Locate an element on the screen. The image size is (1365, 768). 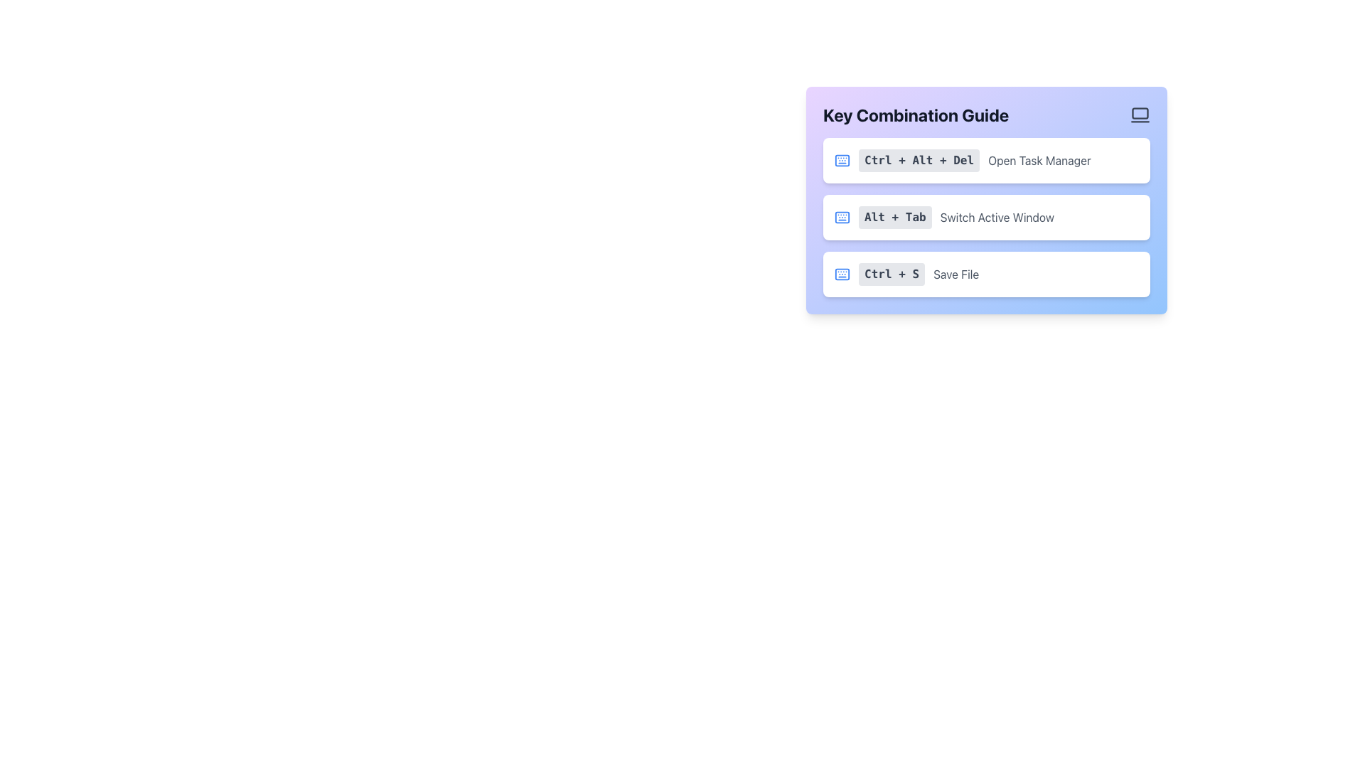
the Text label that indicates the functionality associated with the 'Alt + Tab' keyboard shortcut in the Key Combination Guide is located at coordinates (996, 217).